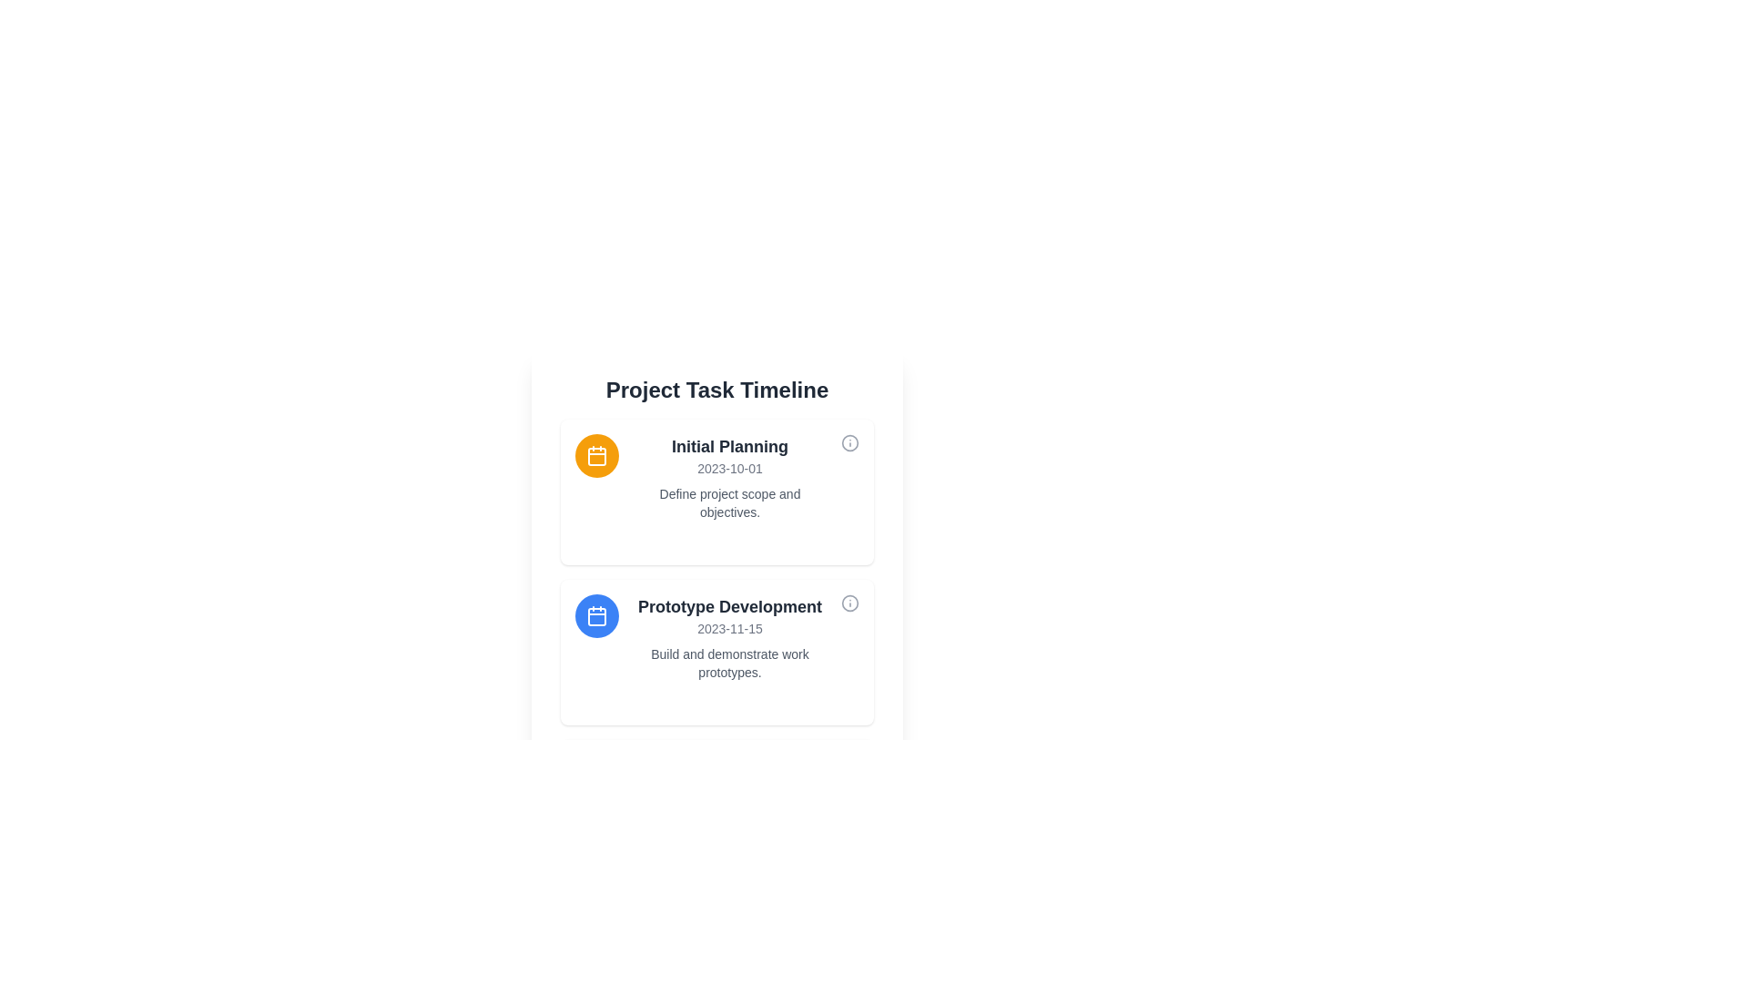 Image resolution: width=1748 pixels, height=983 pixels. I want to click on the circular button icon styled like a clock located in the top-right corner of the 'Prototype Development' task card, so click(849, 606).